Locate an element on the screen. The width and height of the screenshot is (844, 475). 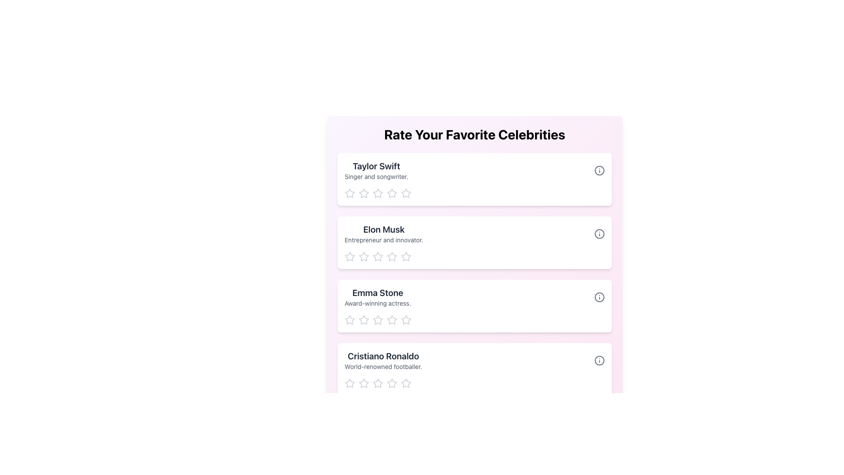
the fifth star icon in the rating control for 'Cristiano Ronaldo' is located at coordinates (378, 383).